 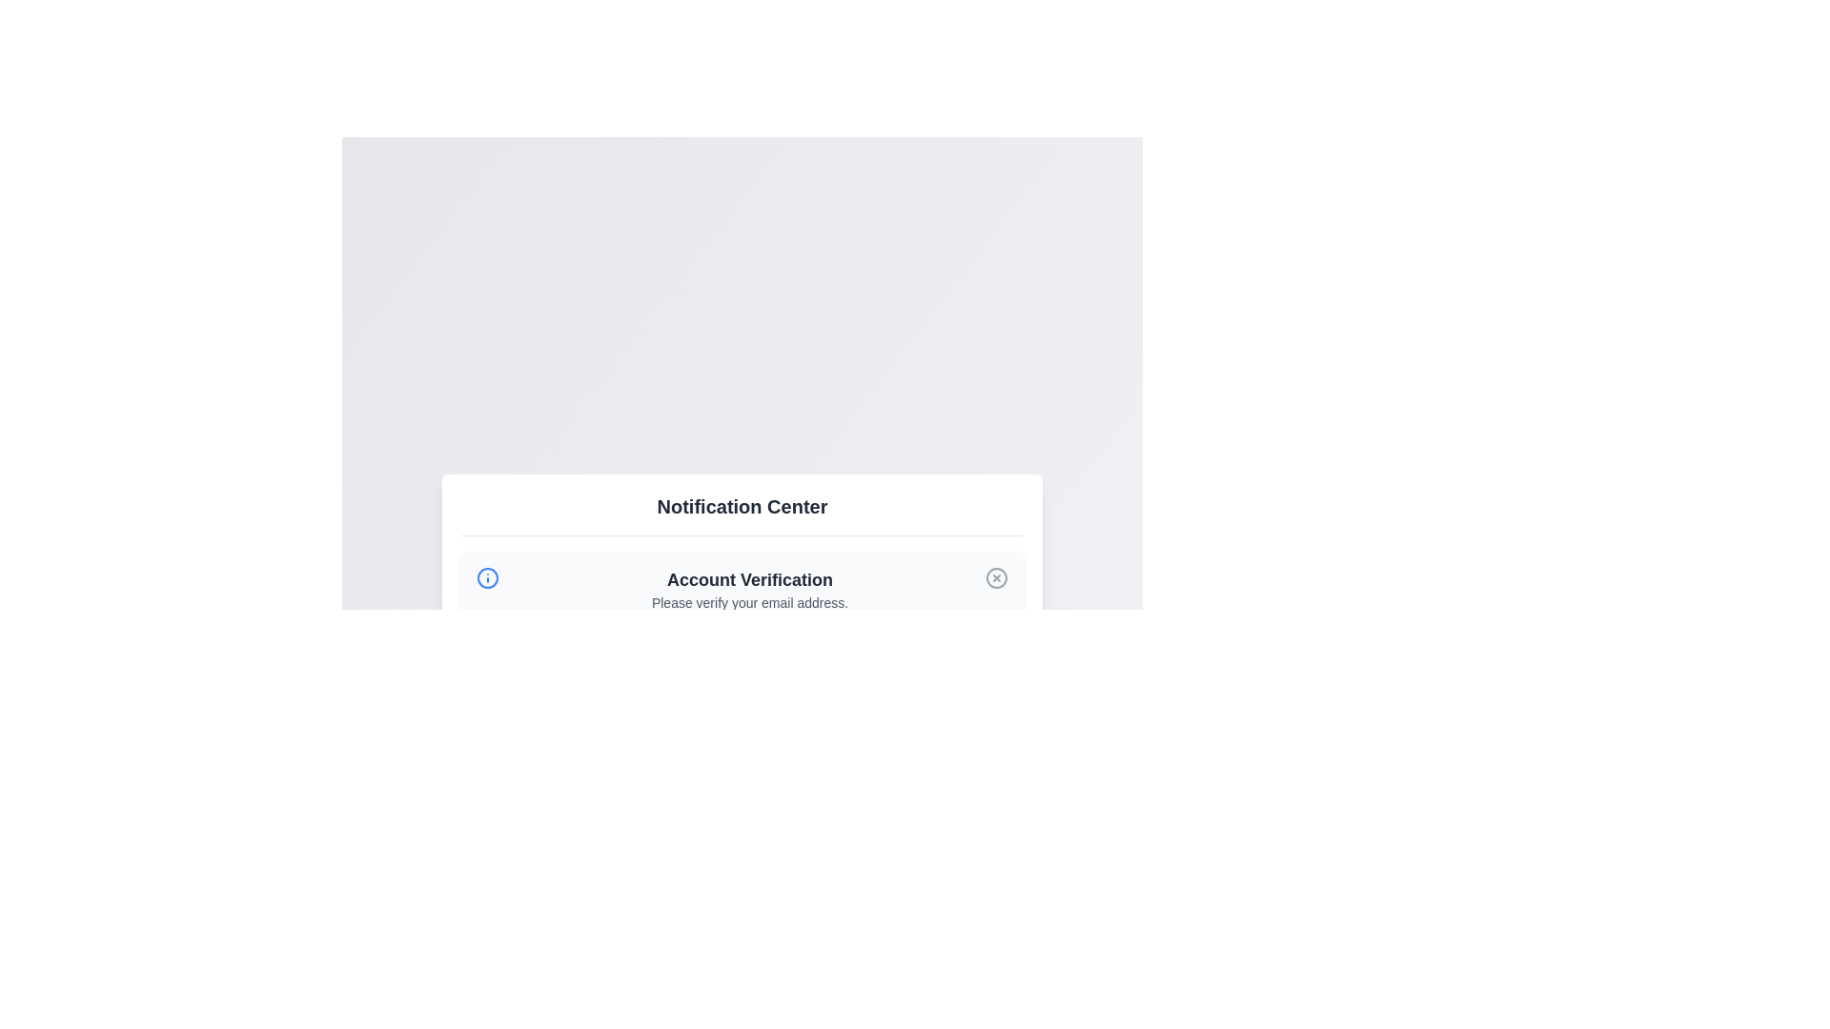 I want to click on the circular outline button with an 'X' shape, located within the 'Account Verification' notification area, so click(x=996, y=576).